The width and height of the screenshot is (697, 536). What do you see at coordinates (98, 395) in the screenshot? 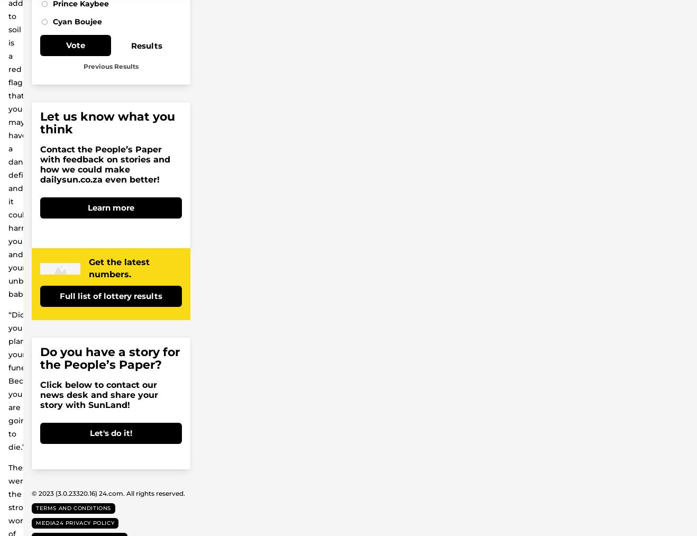
I see `'Click below to contact our news desk and share your story with SunLand!'` at bounding box center [98, 395].